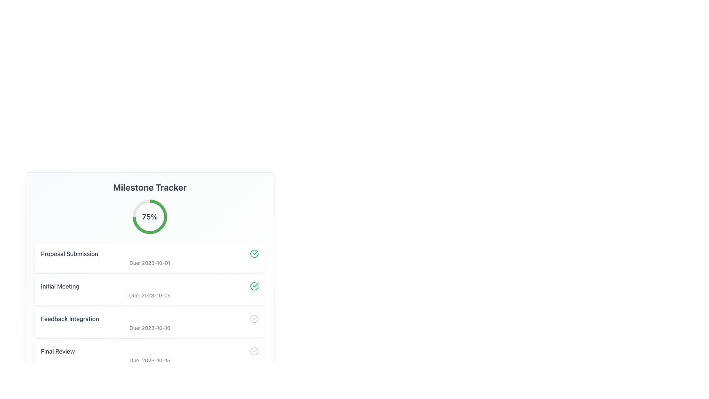  I want to click on the text label displaying '75%' which is centered within the circular progress indicator of the milestone tracker interface, so click(150, 216).